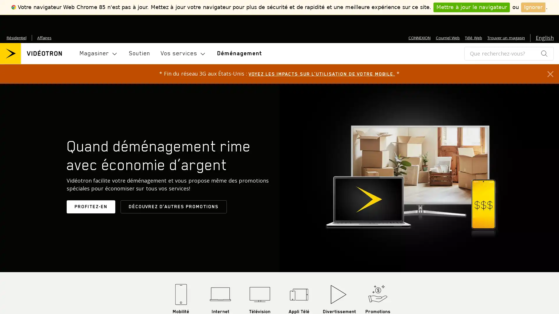  What do you see at coordinates (544, 53) in the screenshot?
I see `search` at bounding box center [544, 53].